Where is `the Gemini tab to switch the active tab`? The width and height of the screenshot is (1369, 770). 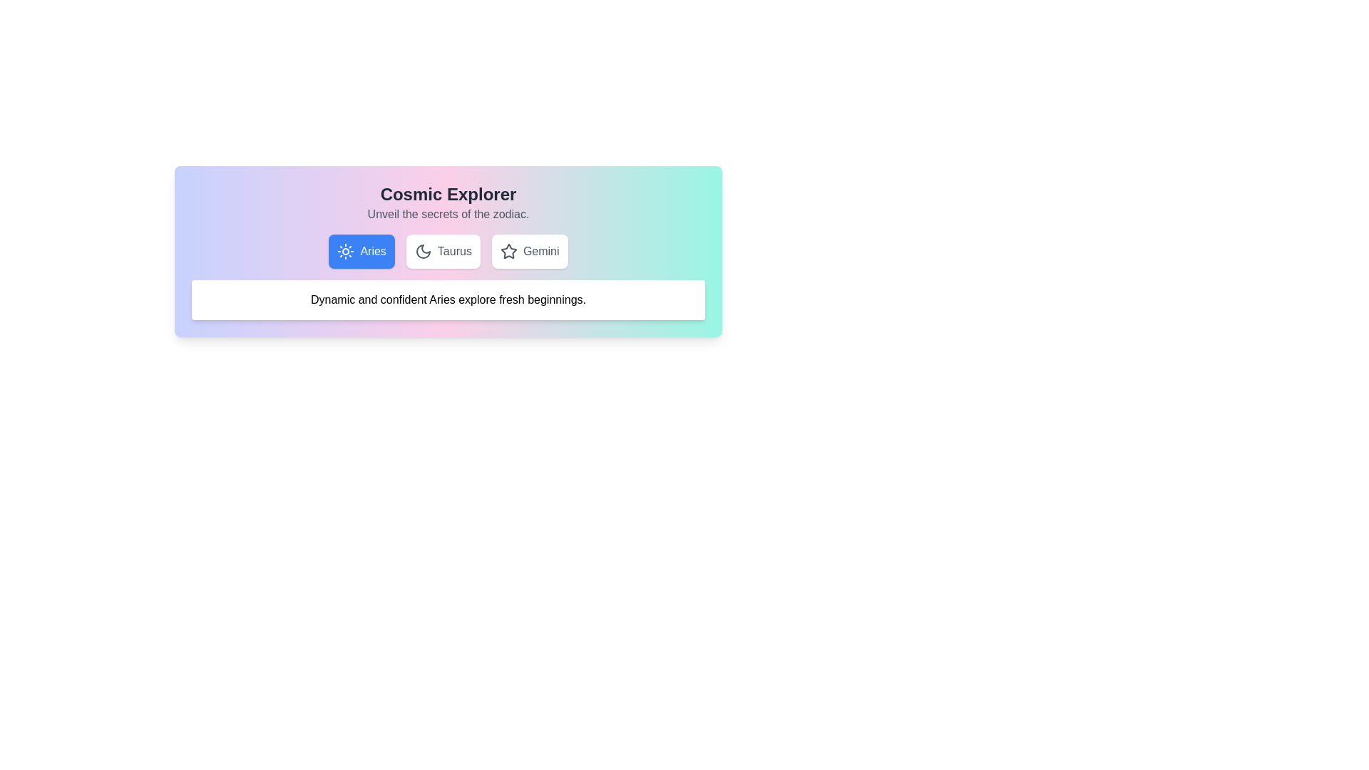
the Gemini tab to switch the active tab is located at coordinates (529, 251).